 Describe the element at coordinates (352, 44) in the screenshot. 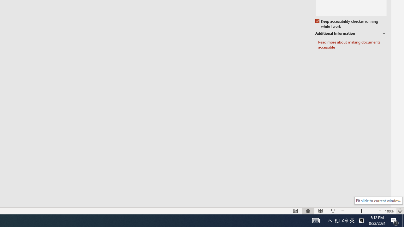

I see `'Read more about making documents accessible'` at that location.